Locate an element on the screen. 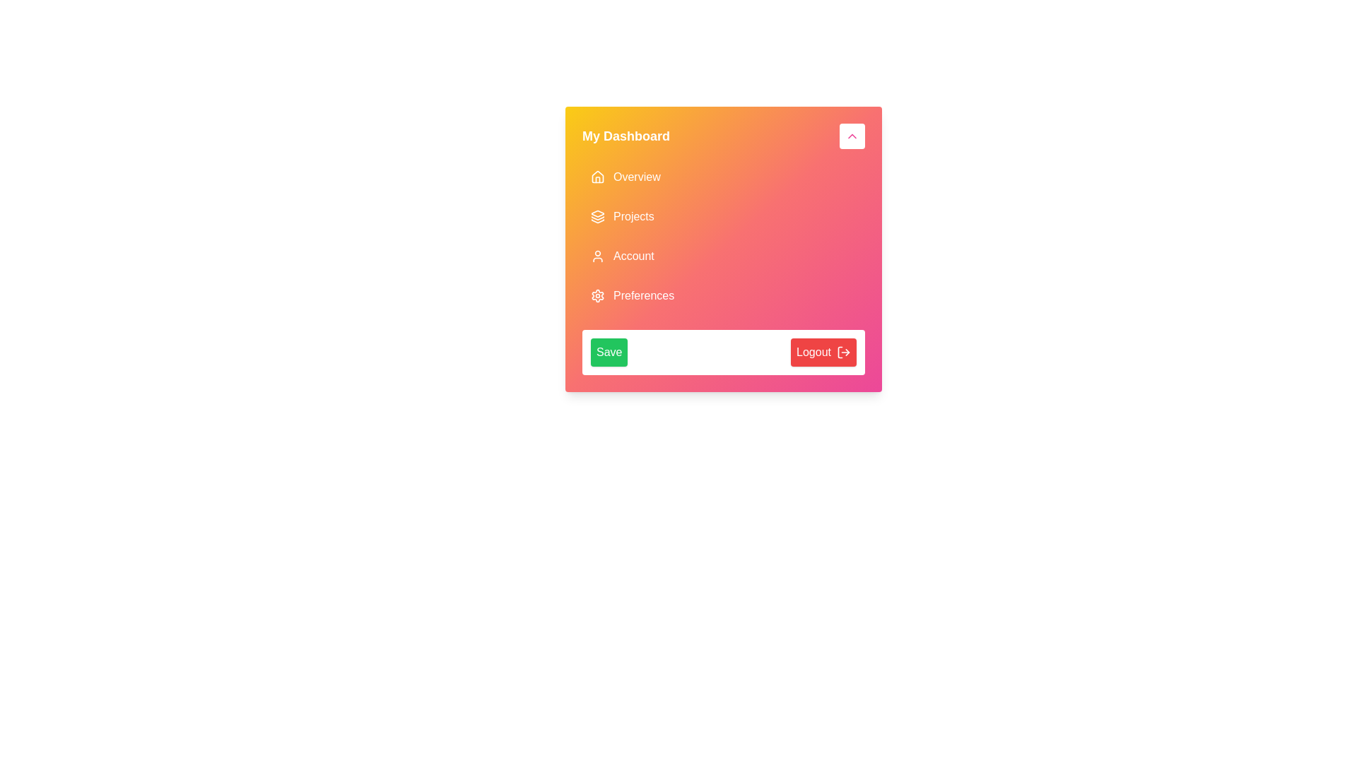 This screenshot has height=763, width=1357. the 'My Dashboard' panel is located at coordinates (723, 249).